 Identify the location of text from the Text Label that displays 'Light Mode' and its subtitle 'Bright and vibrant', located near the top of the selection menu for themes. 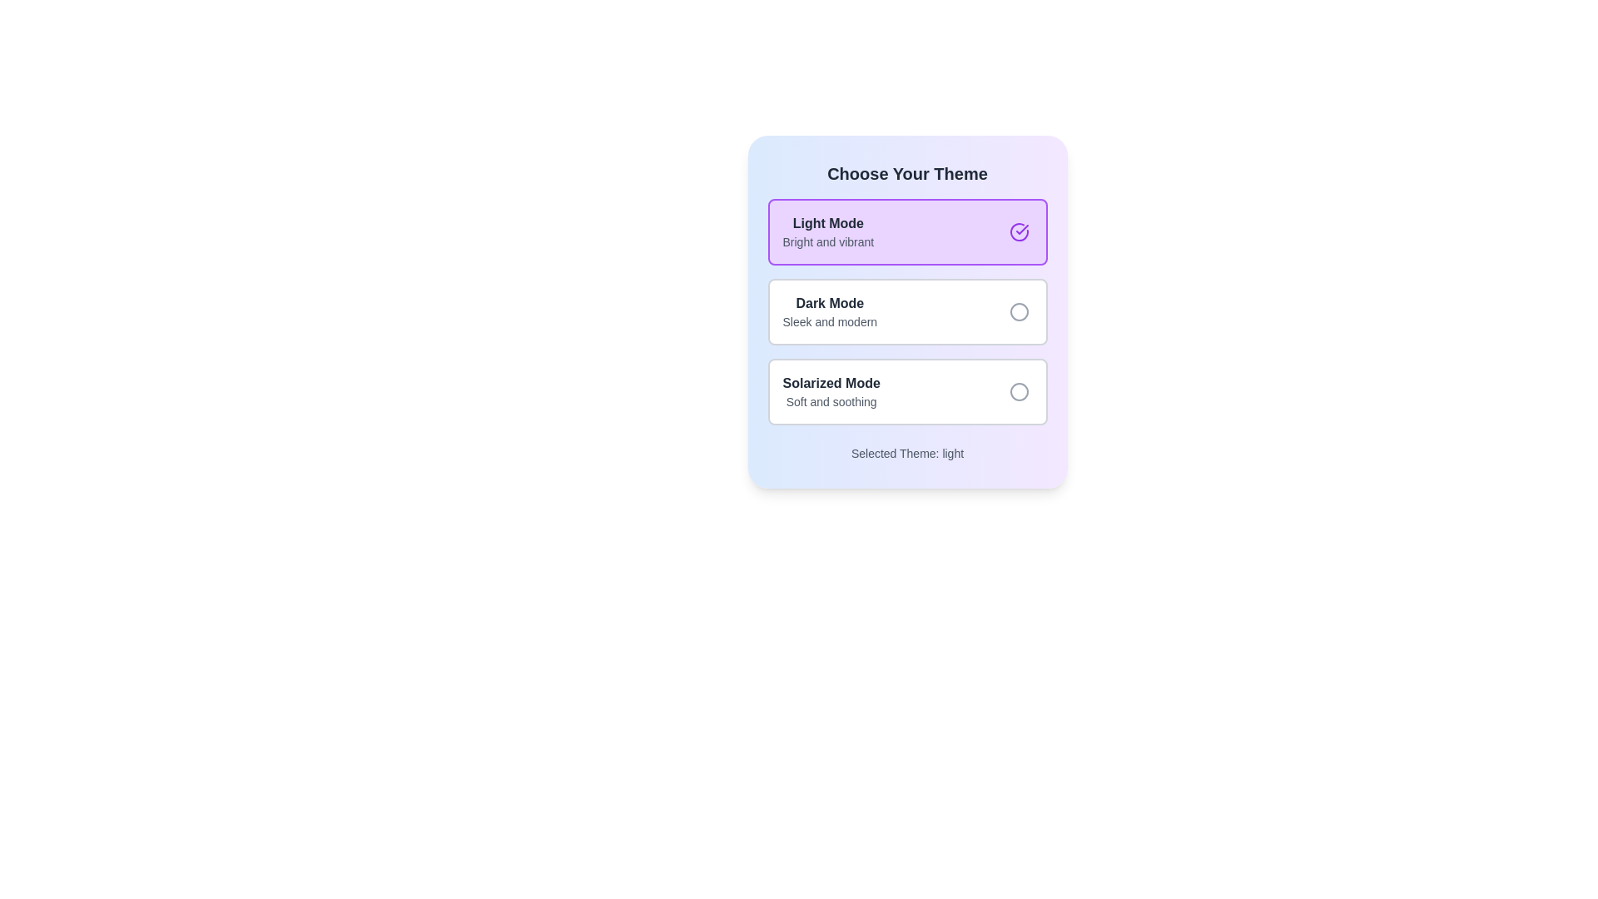
(835, 231).